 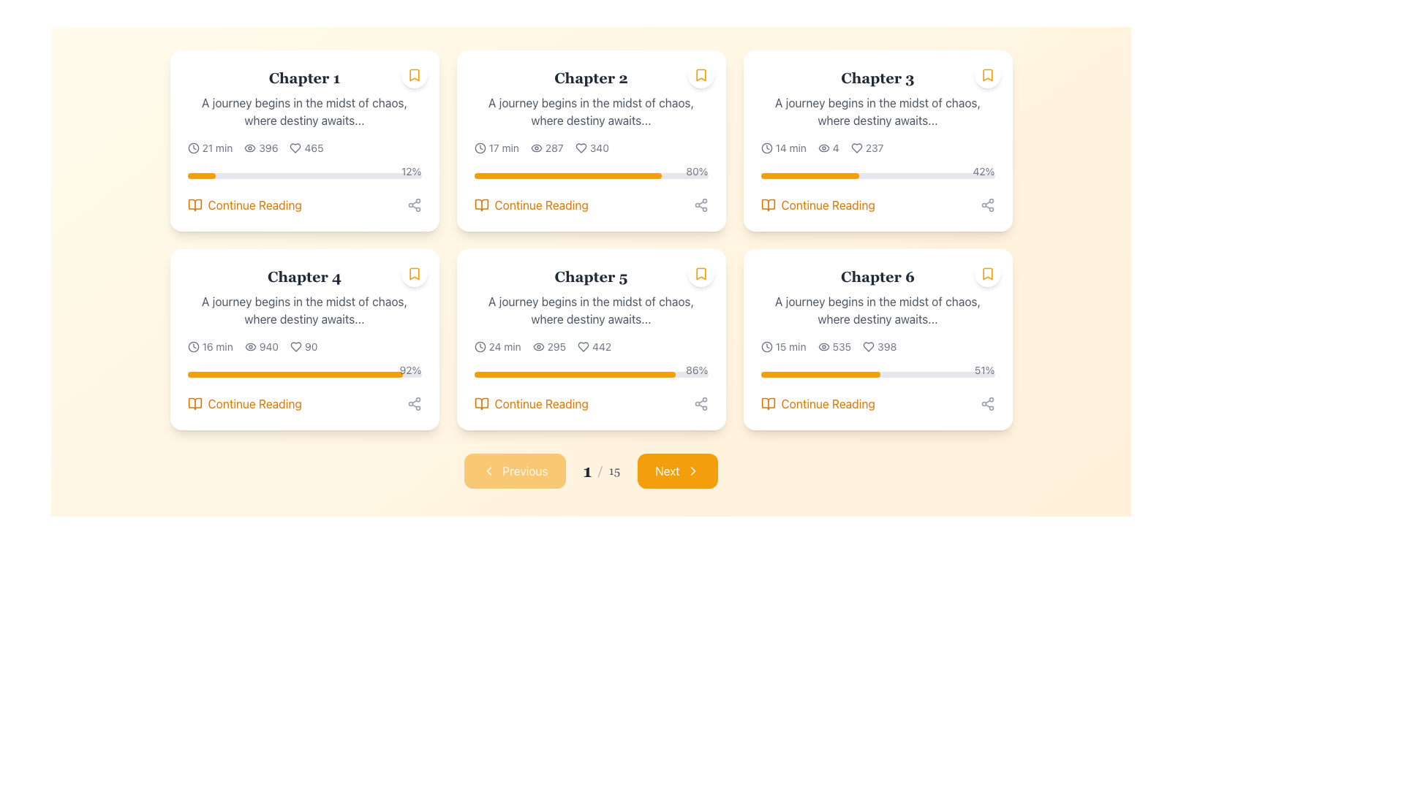 I want to click on the text element with the title 'Chapter 2' and subtitle 'A journey begins in the midst of chaos, where destiny awaits...' positioned in the top row and middle column of the grid layout, so click(x=591, y=99).